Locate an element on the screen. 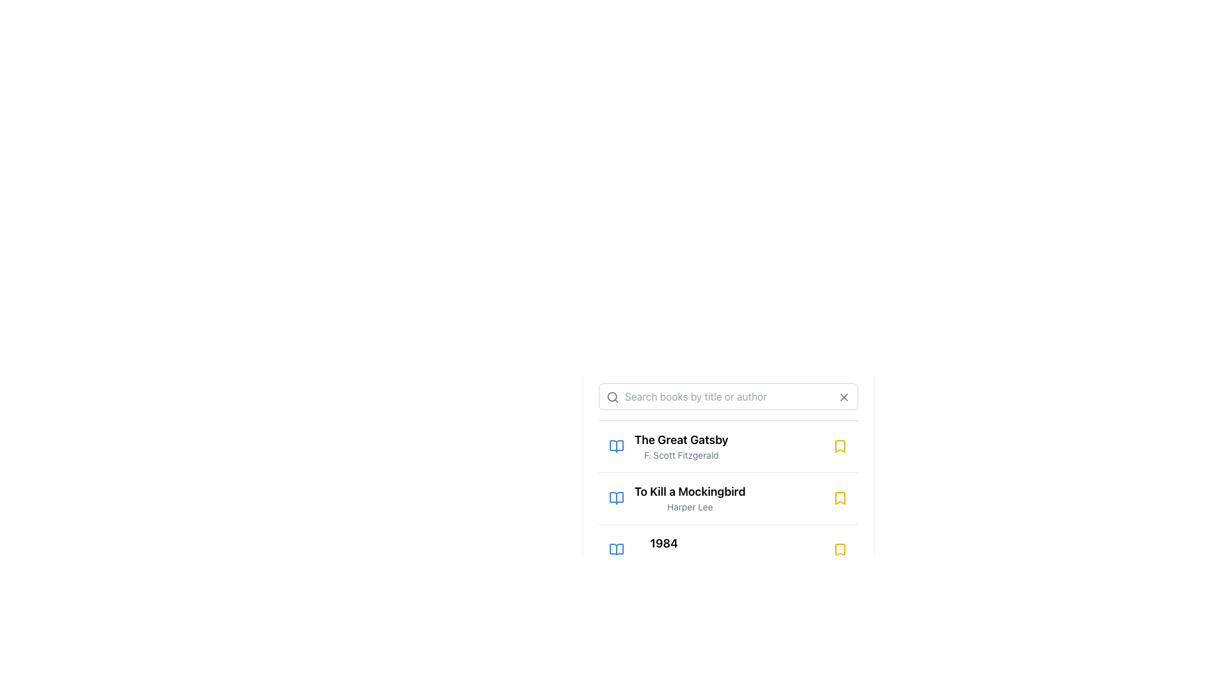 The width and height of the screenshot is (1227, 690). text label displaying 'F. Scott Fitzgerald', which is a small gray font located immediately below the title 'The Great Gatsby' is located at coordinates (681, 455).